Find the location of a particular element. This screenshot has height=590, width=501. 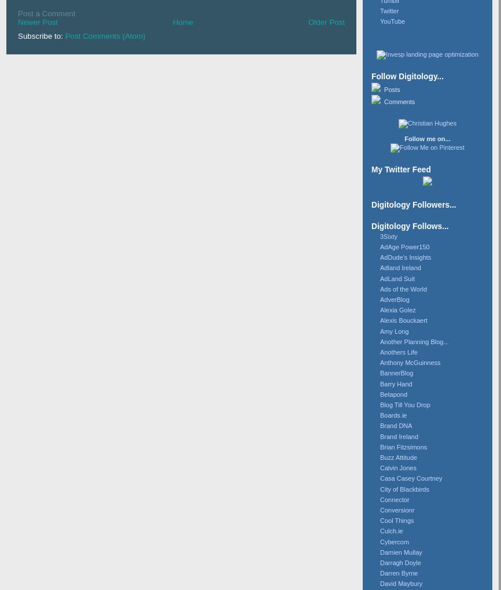

'Alexis Bouckaert' is located at coordinates (380, 319).